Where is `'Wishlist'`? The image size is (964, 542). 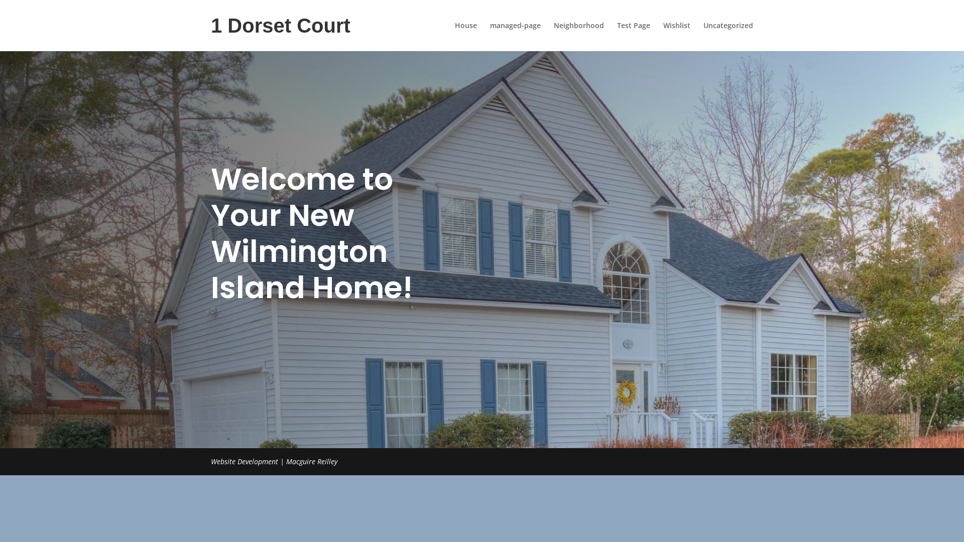
'Wishlist' is located at coordinates (677, 36).